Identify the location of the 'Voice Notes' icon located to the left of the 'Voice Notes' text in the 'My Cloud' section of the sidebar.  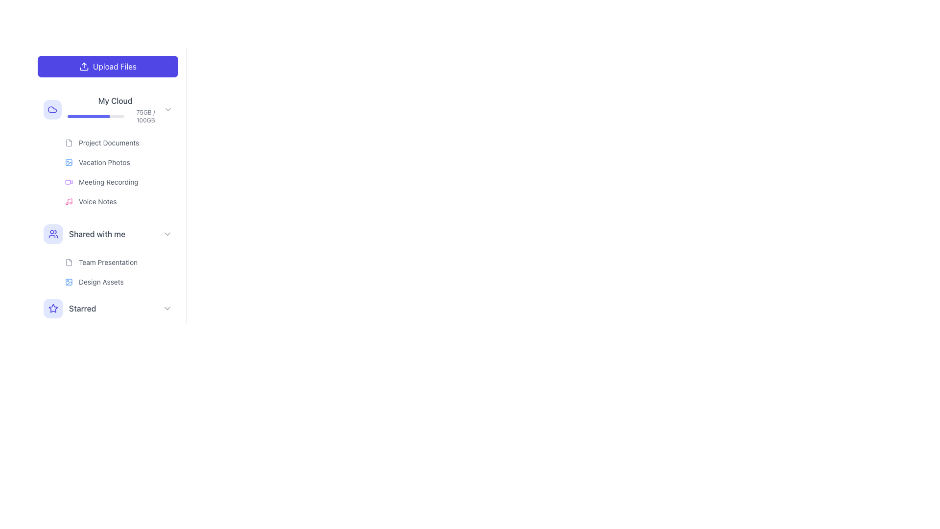
(68, 201).